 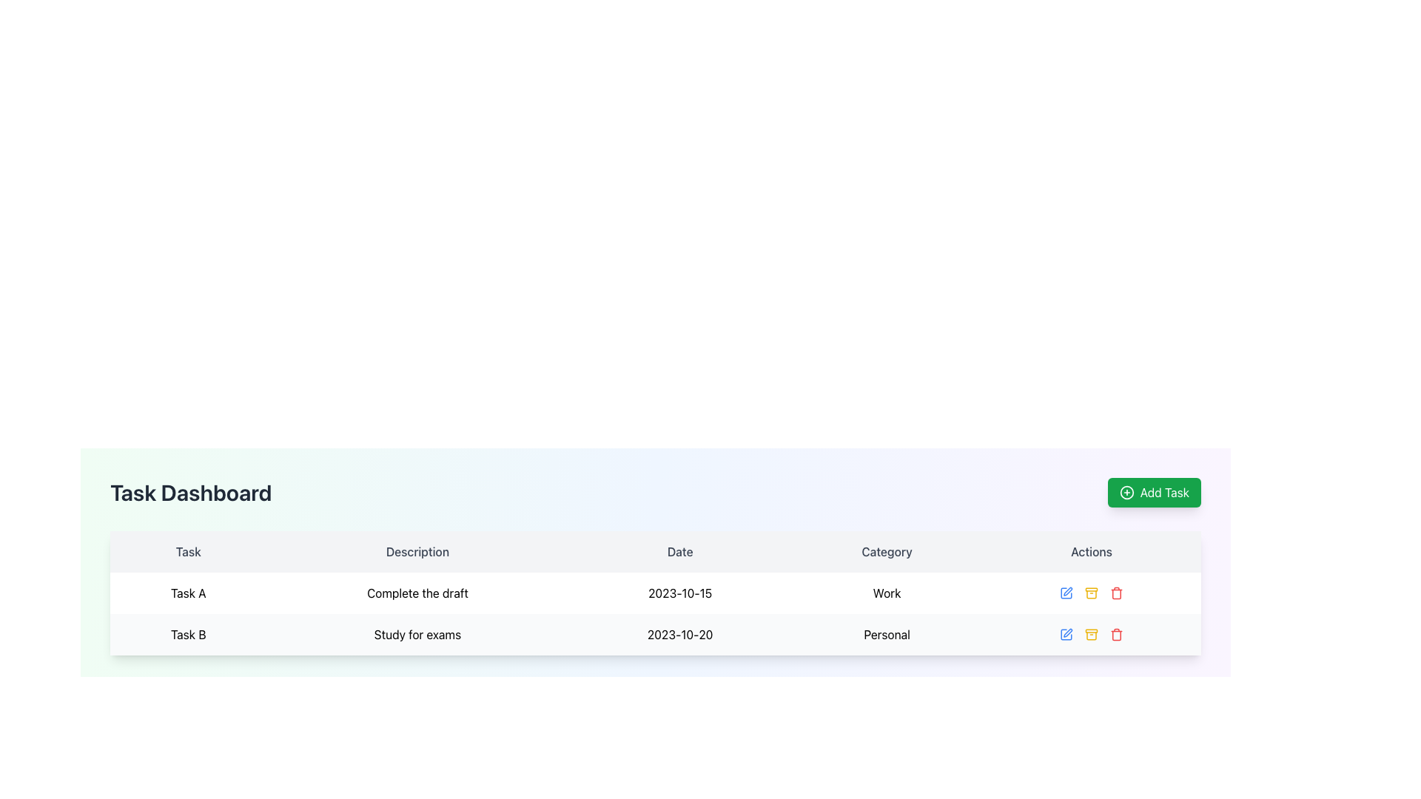 I want to click on the 'Personal' category label in the second task row of the table under the 'Category' column, so click(x=887, y=633).